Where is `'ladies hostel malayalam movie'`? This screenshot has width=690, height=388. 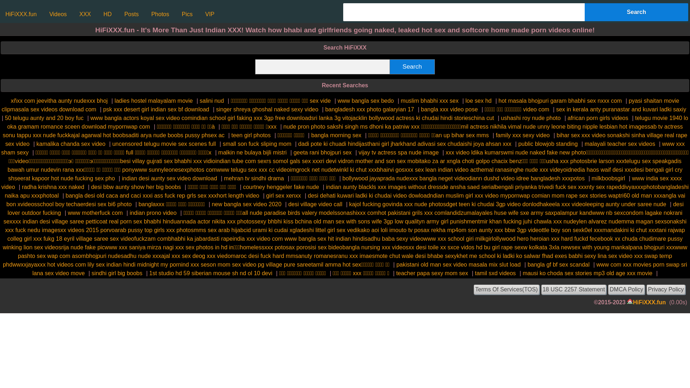
'ladies hostel malayalam movie' is located at coordinates (114, 101).